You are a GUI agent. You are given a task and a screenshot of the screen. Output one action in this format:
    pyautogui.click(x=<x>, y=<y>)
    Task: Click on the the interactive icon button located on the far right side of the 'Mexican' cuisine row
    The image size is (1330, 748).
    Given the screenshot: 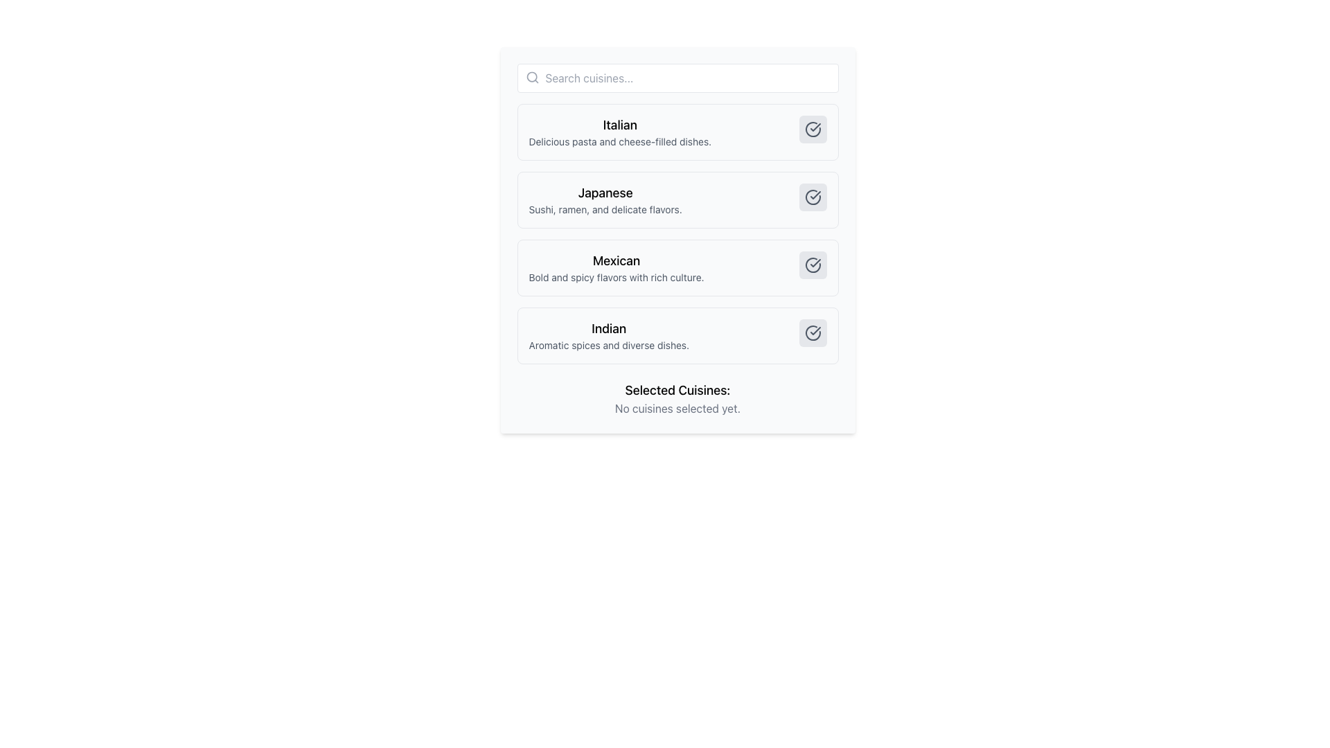 What is the action you would take?
    pyautogui.click(x=813, y=265)
    